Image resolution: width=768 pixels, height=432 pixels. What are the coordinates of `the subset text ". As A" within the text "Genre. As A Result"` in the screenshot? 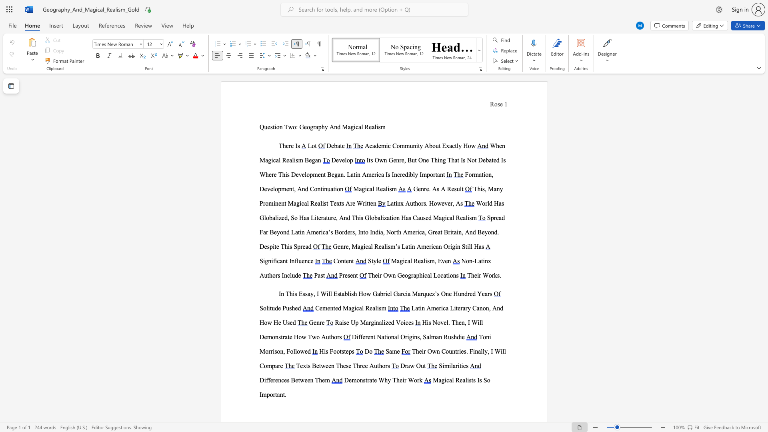 It's located at (428, 189).